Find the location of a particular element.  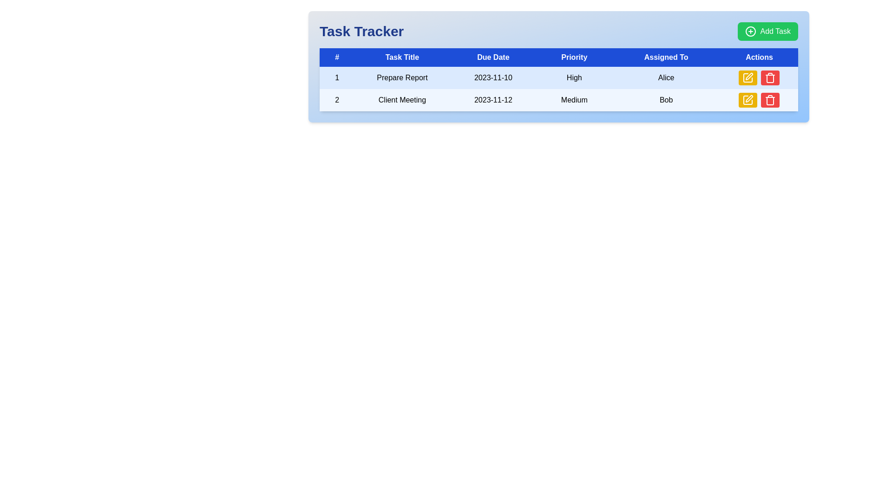

the delete button with an icon located on the far right of the 'Actions' column for the task titled 'Client Meeting' is located at coordinates (770, 100).